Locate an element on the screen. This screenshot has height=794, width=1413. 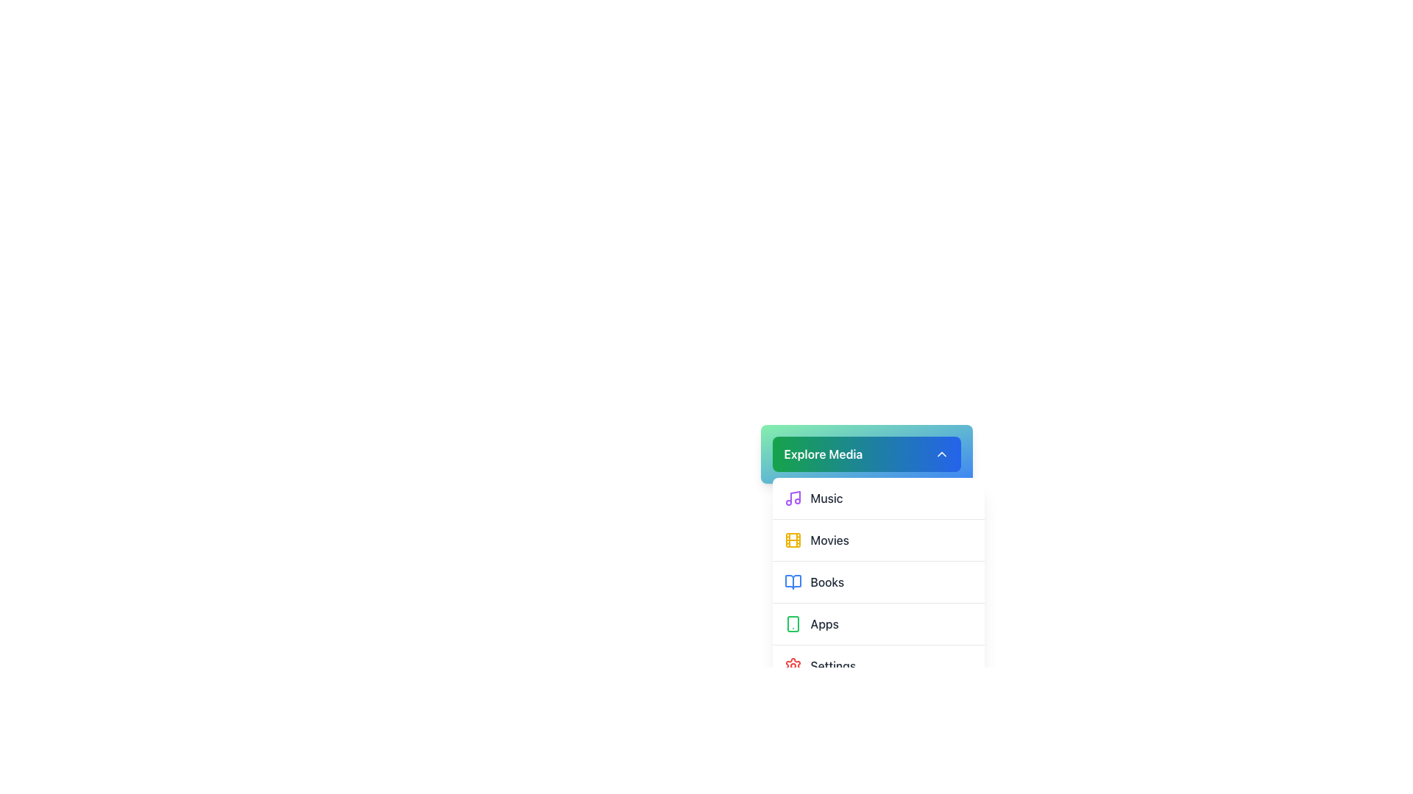
the SVG Icon located to the left of the labeled text 'Apps' in the dropdown list under the 'Explore Media' header is located at coordinates (792, 623).